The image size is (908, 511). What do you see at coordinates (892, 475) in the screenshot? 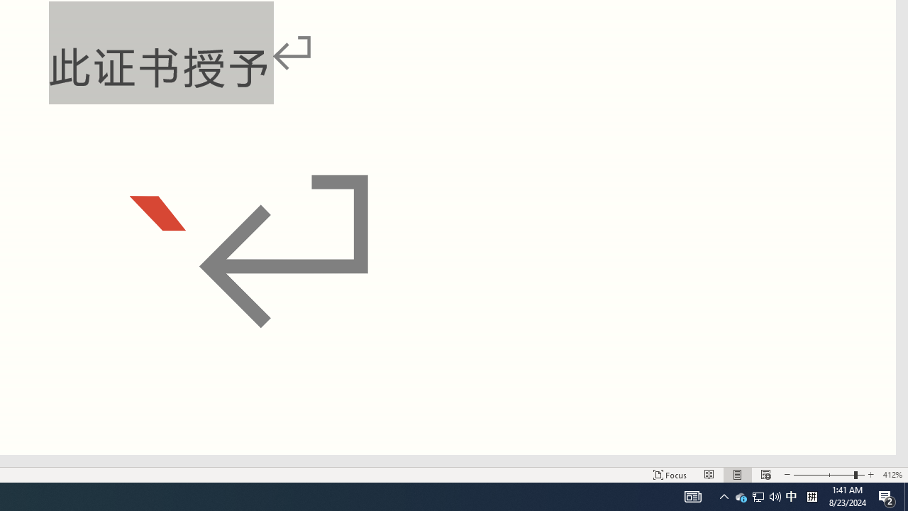
I see `'Zoom 412%'` at bounding box center [892, 475].